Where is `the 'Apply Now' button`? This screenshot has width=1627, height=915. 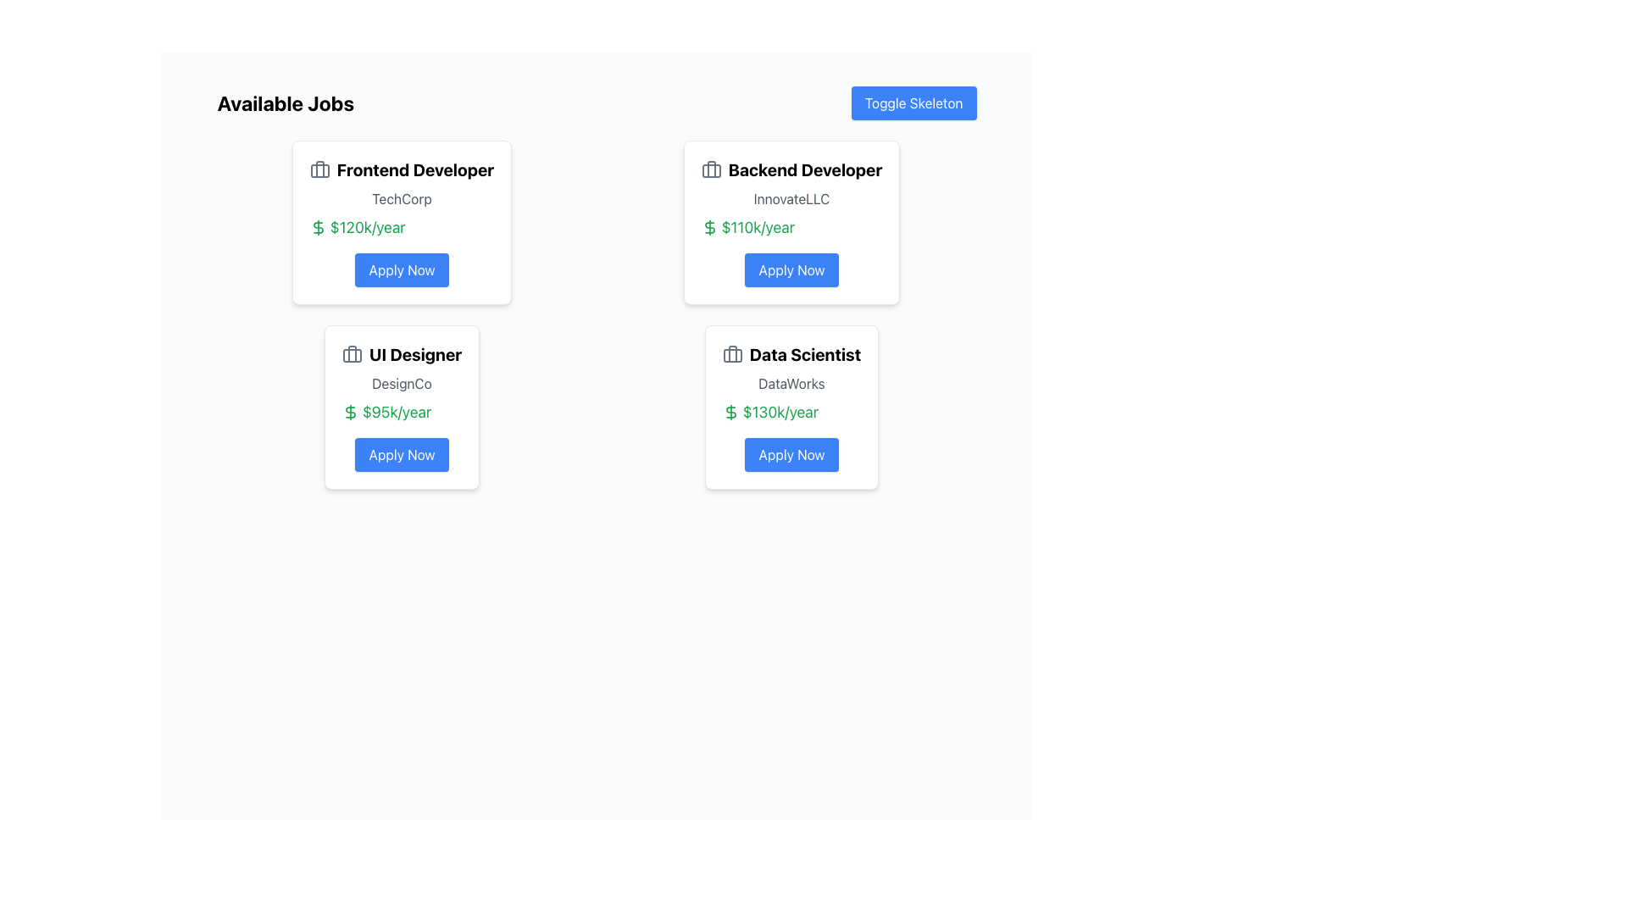 the 'Apply Now' button is located at coordinates (791, 453).